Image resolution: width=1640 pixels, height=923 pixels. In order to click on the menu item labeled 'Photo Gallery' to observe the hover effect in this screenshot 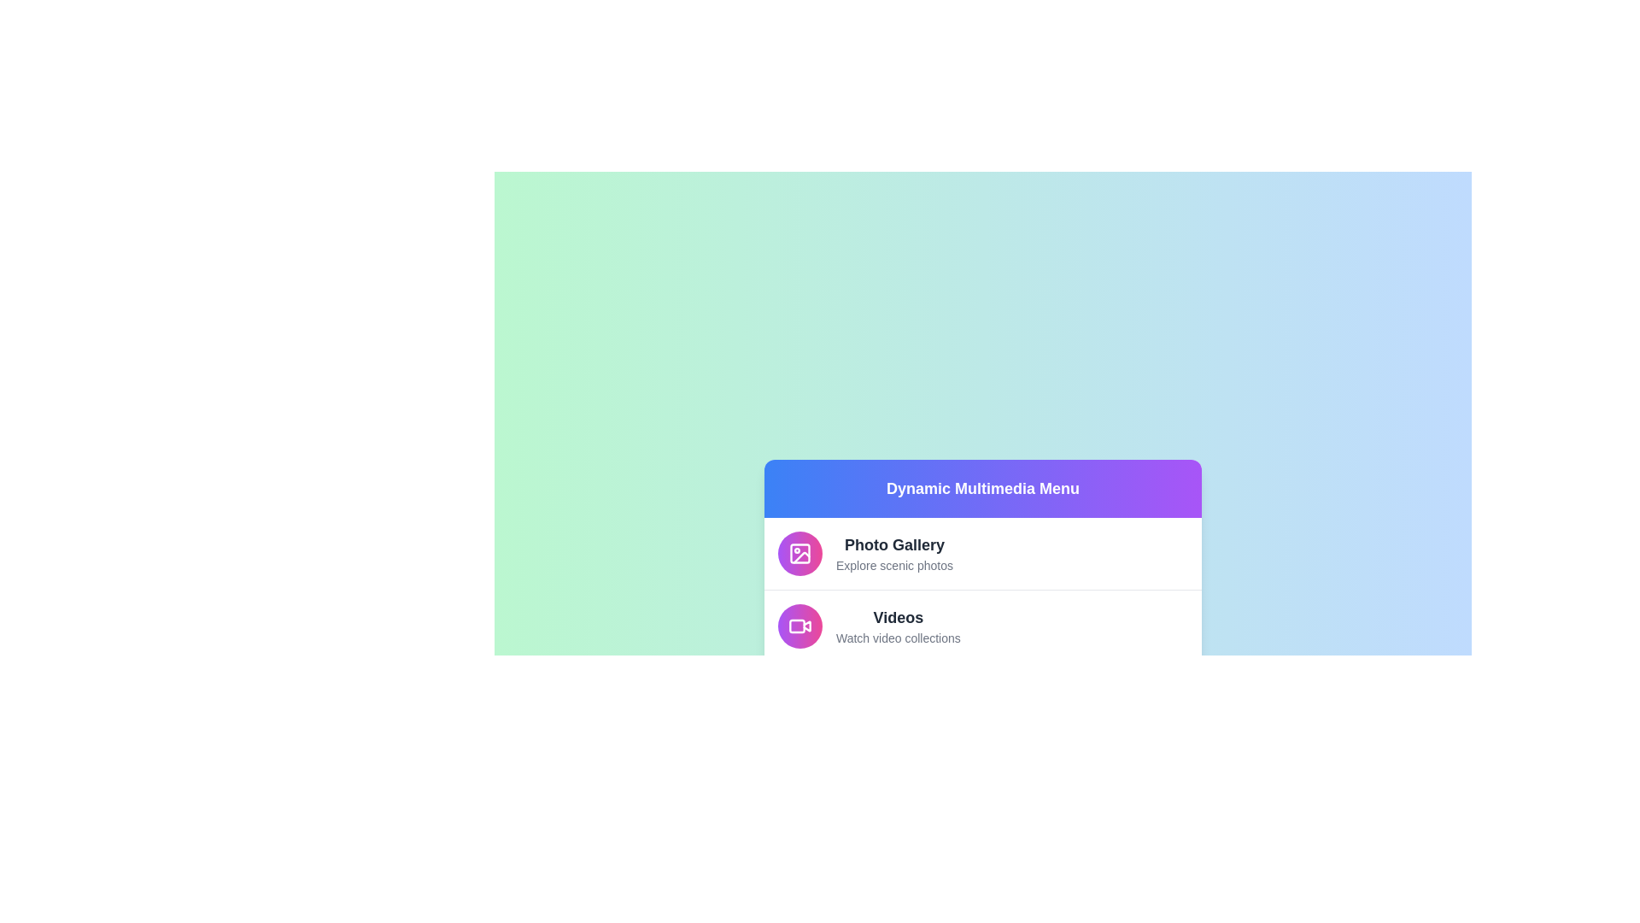, I will do `click(983, 553)`.